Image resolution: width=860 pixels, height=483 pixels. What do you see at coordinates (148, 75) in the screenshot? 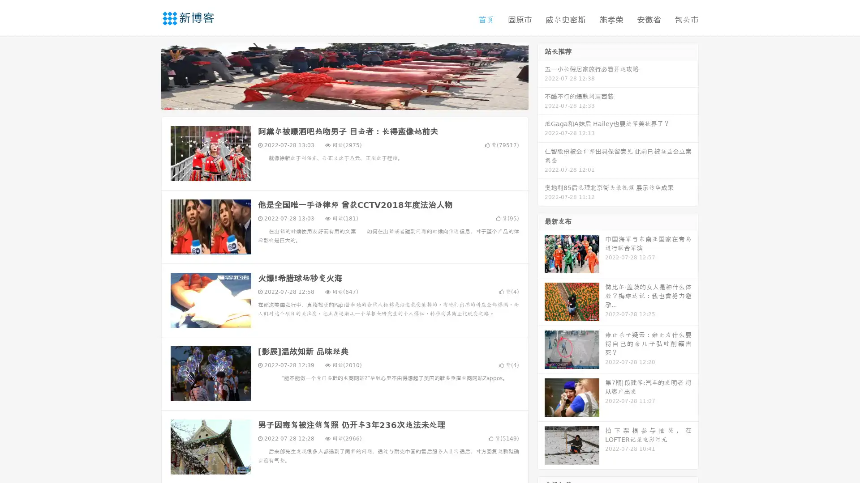
I see `Previous slide` at bounding box center [148, 75].